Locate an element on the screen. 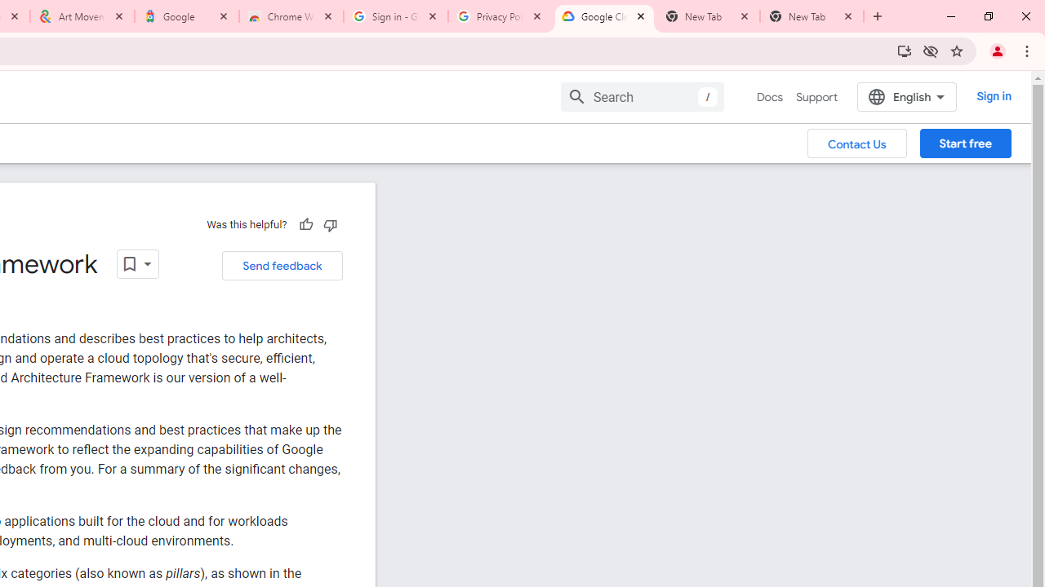  'Not helpful' is located at coordinates (329, 224).